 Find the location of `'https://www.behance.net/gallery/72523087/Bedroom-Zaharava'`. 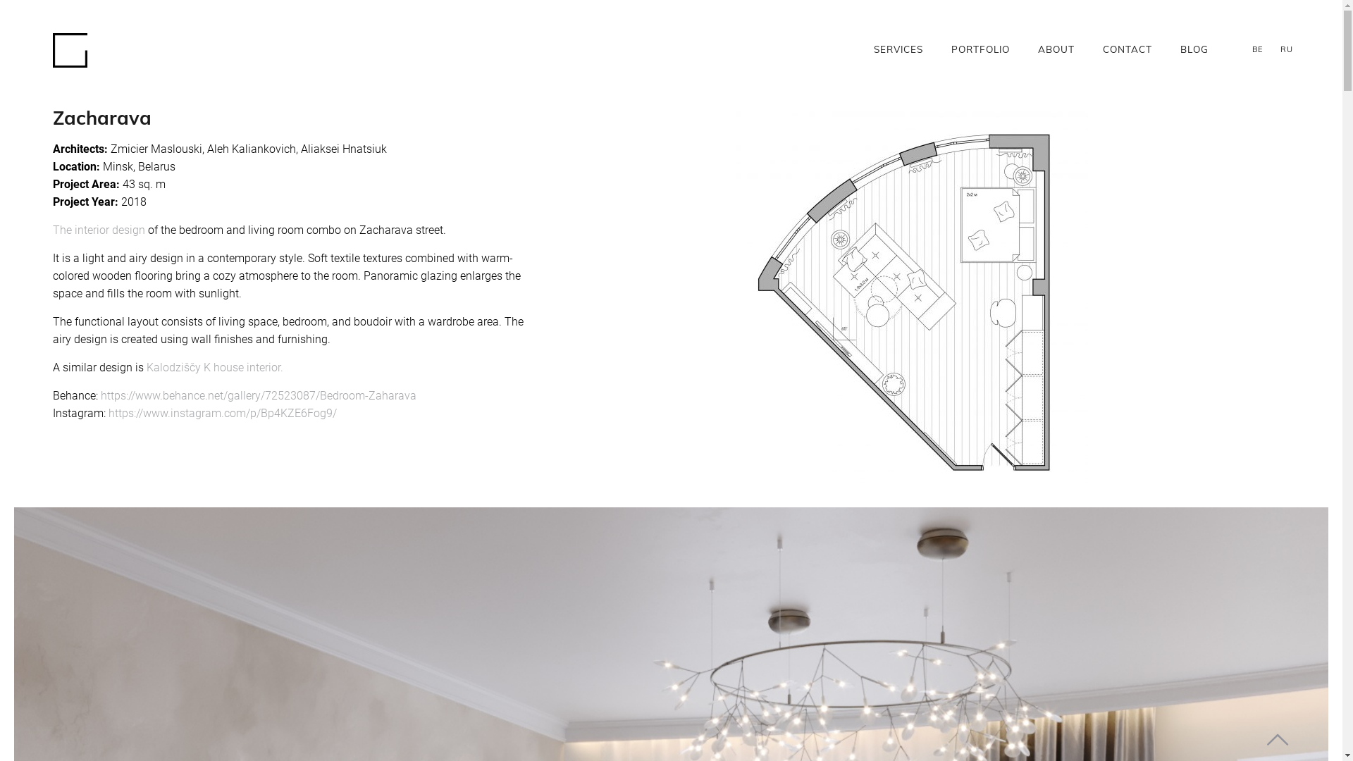

'https://www.behance.net/gallery/72523087/Bedroom-Zaharava' is located at coordinates (258, 395).